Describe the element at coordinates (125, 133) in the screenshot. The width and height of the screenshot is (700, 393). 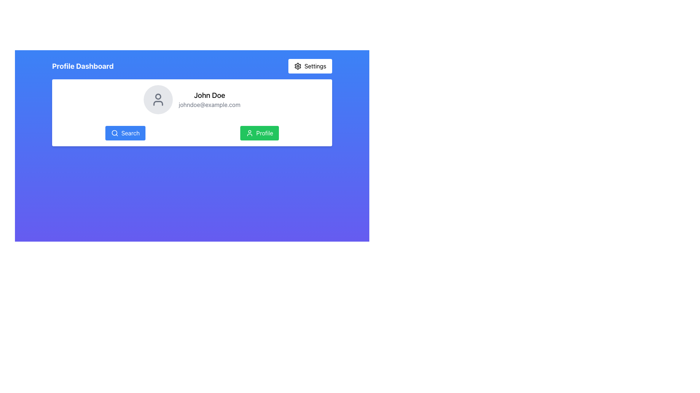
I see `the search button located on the left side of the row containing two buttons` at that location.